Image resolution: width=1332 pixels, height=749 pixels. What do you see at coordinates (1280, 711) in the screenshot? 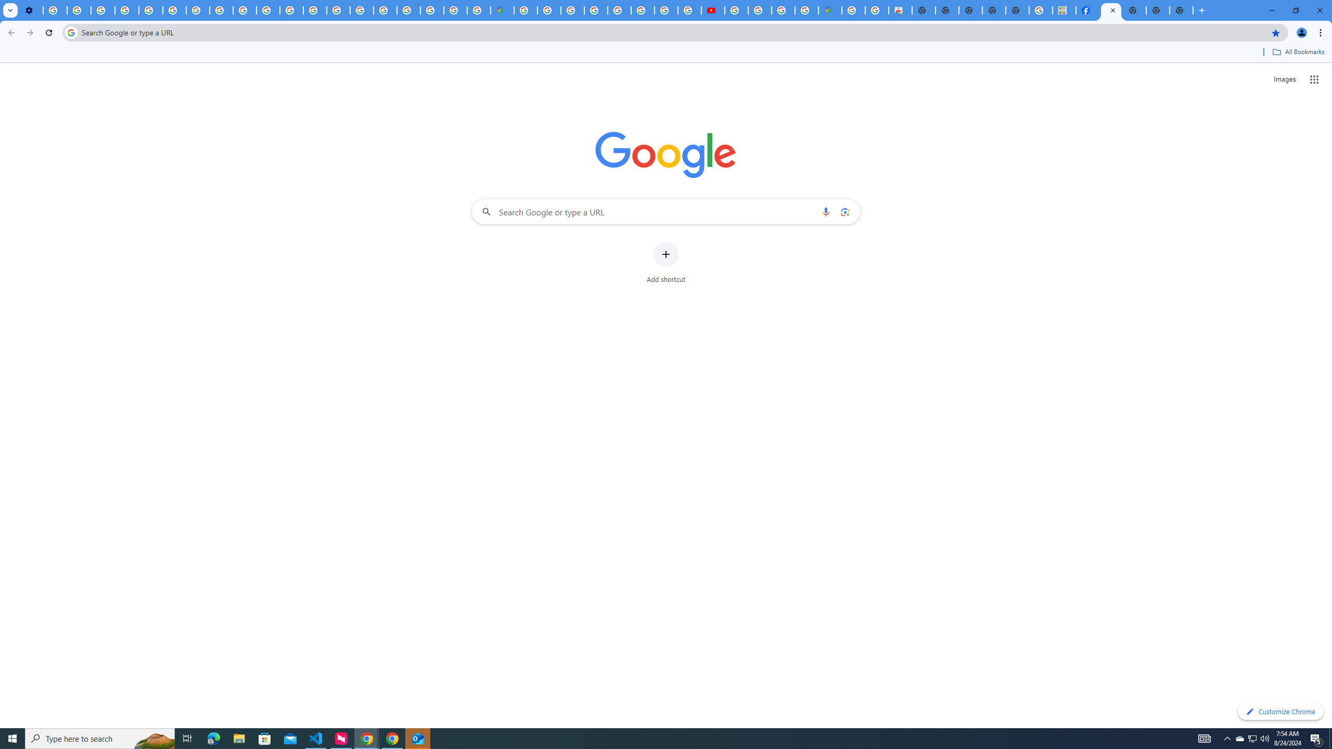
I see `'Customize Chrome'` at bounding box center [1280, 711].